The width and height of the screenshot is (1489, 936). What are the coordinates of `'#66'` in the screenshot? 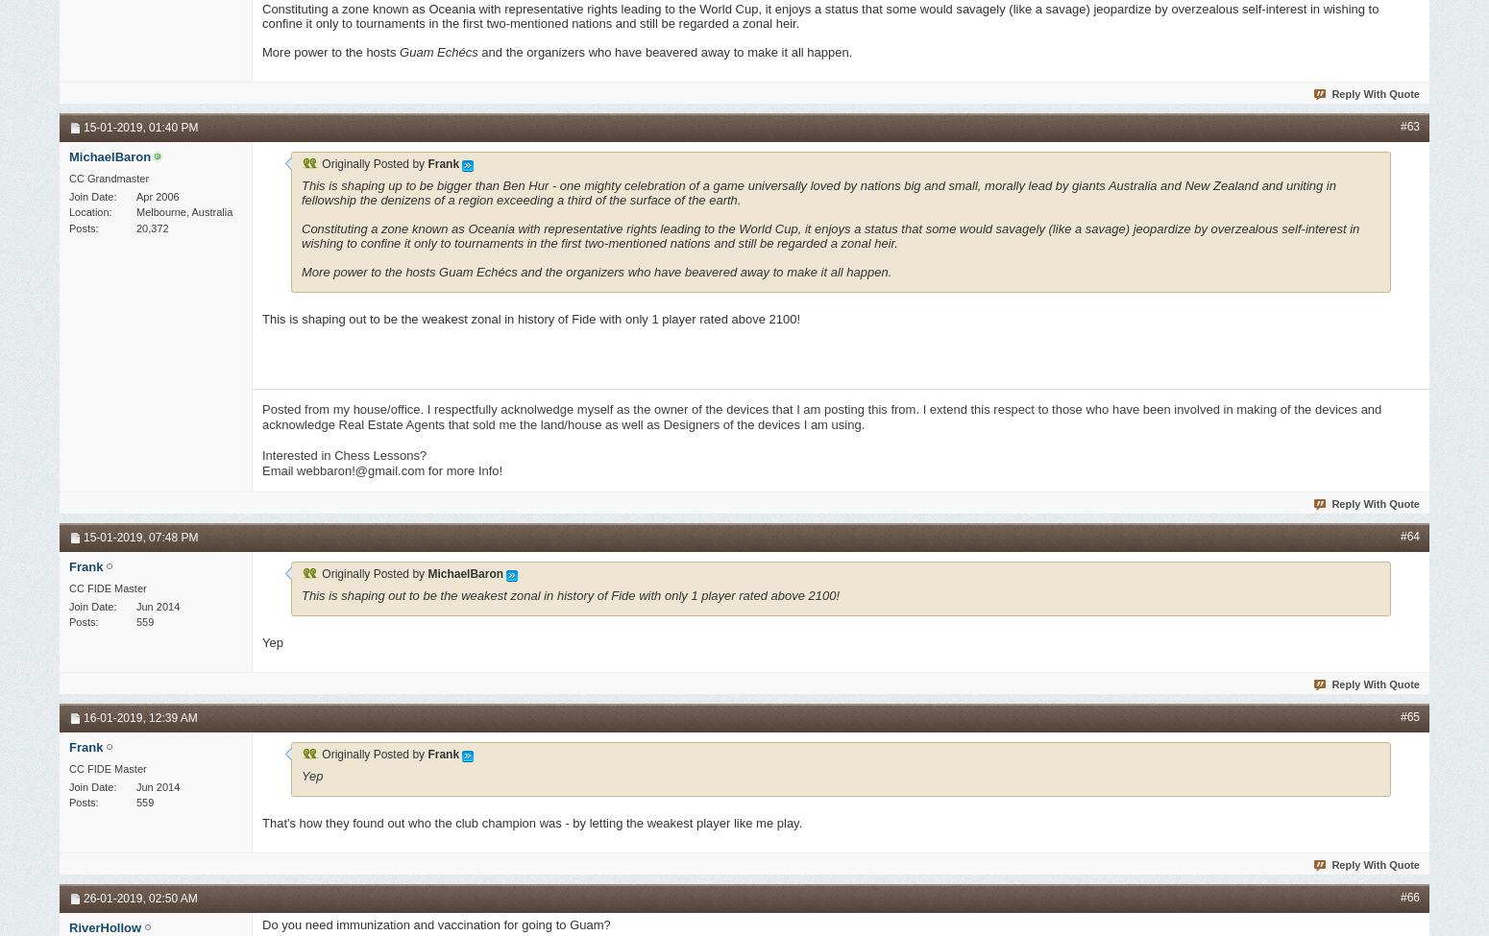 It's located at (1408, 897).